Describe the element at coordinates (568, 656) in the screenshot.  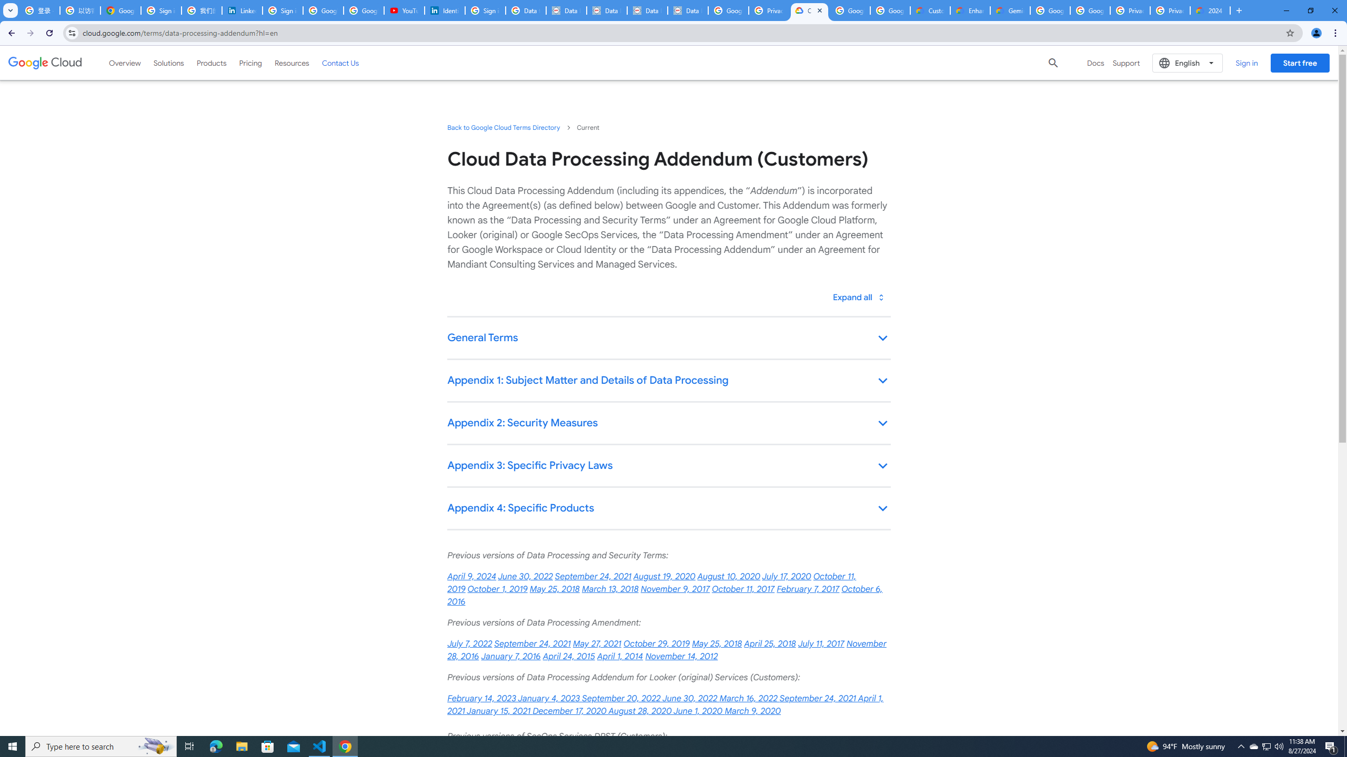
I see `'April 24, 2015'` at that location.